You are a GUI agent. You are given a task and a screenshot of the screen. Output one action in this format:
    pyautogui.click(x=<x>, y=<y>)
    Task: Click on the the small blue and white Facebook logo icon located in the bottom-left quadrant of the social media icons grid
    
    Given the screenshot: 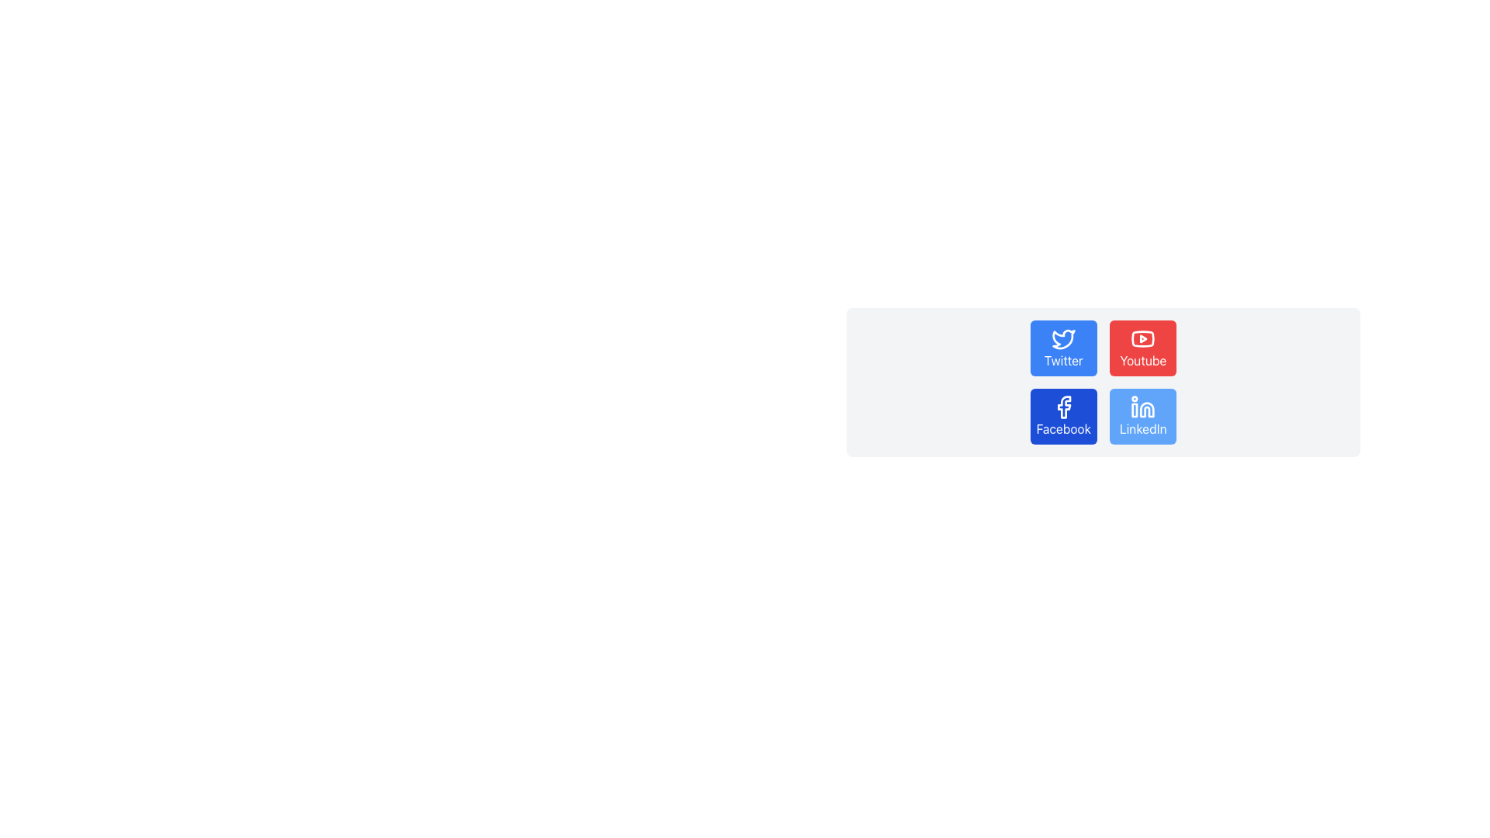 What is the action you would take?
    pyautogui.click(x=1063, y=406)
    